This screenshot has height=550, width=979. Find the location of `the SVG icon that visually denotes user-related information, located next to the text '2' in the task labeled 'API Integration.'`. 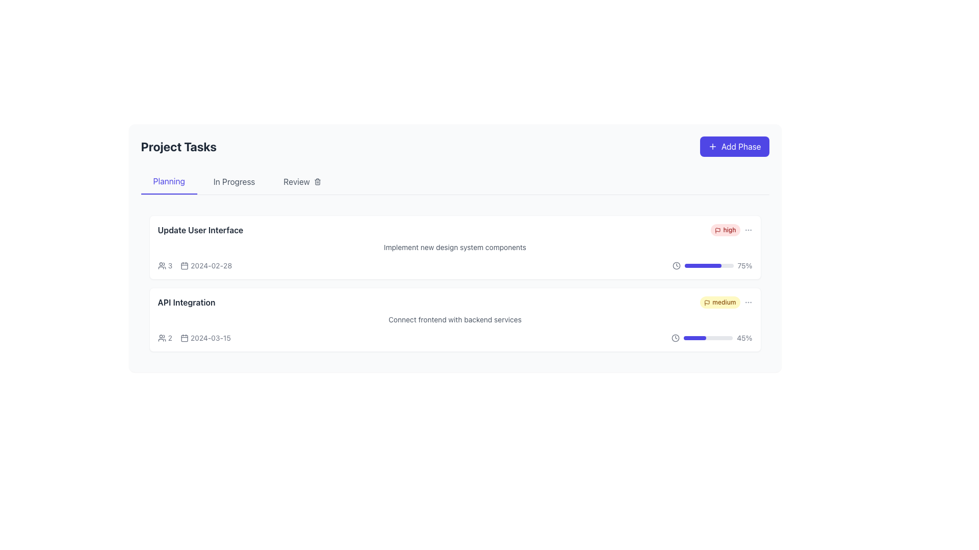

the SVG icon that visually denotes user-related information, located next to the text '2' in the task labeled 'API Integration.' is located at coordinates (161, 338).